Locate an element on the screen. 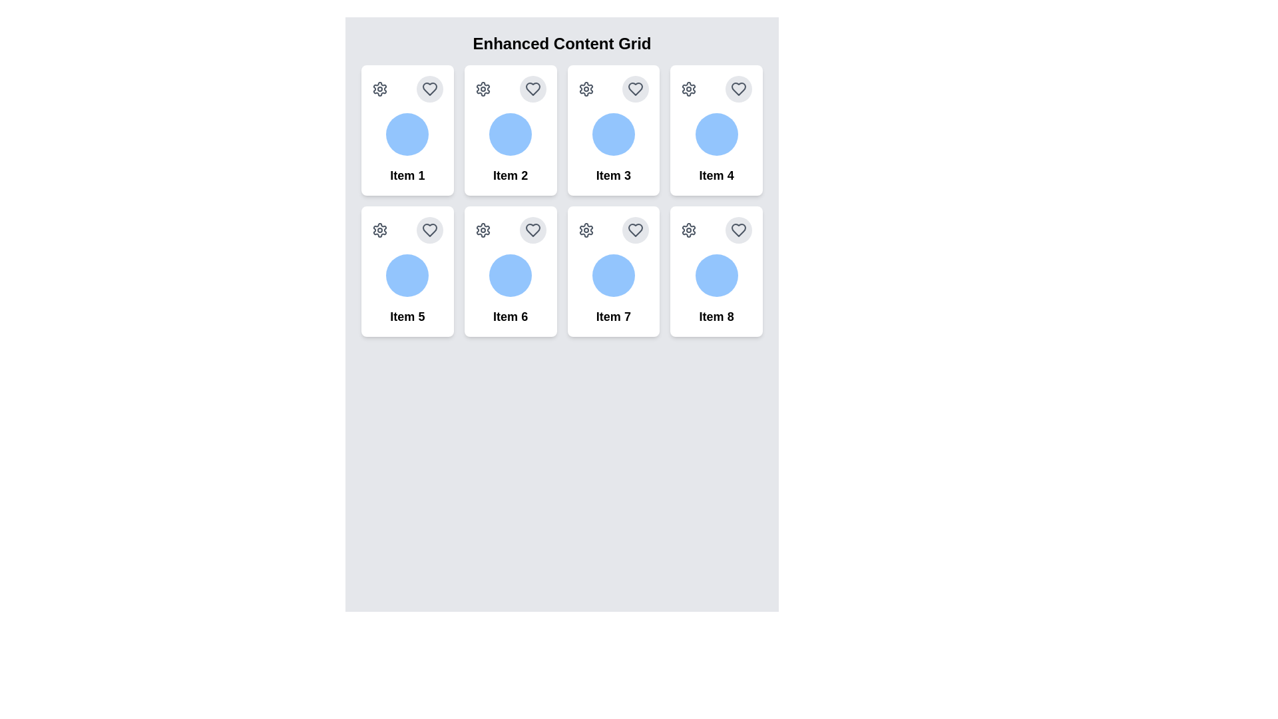 The width and height of the screenshot is (1278, 719). the fourth Content Card or Tile in the grid layout located at the top-right position, which represents an item or entity and may provide settings or favorite options is located at coordinates (716, 130).